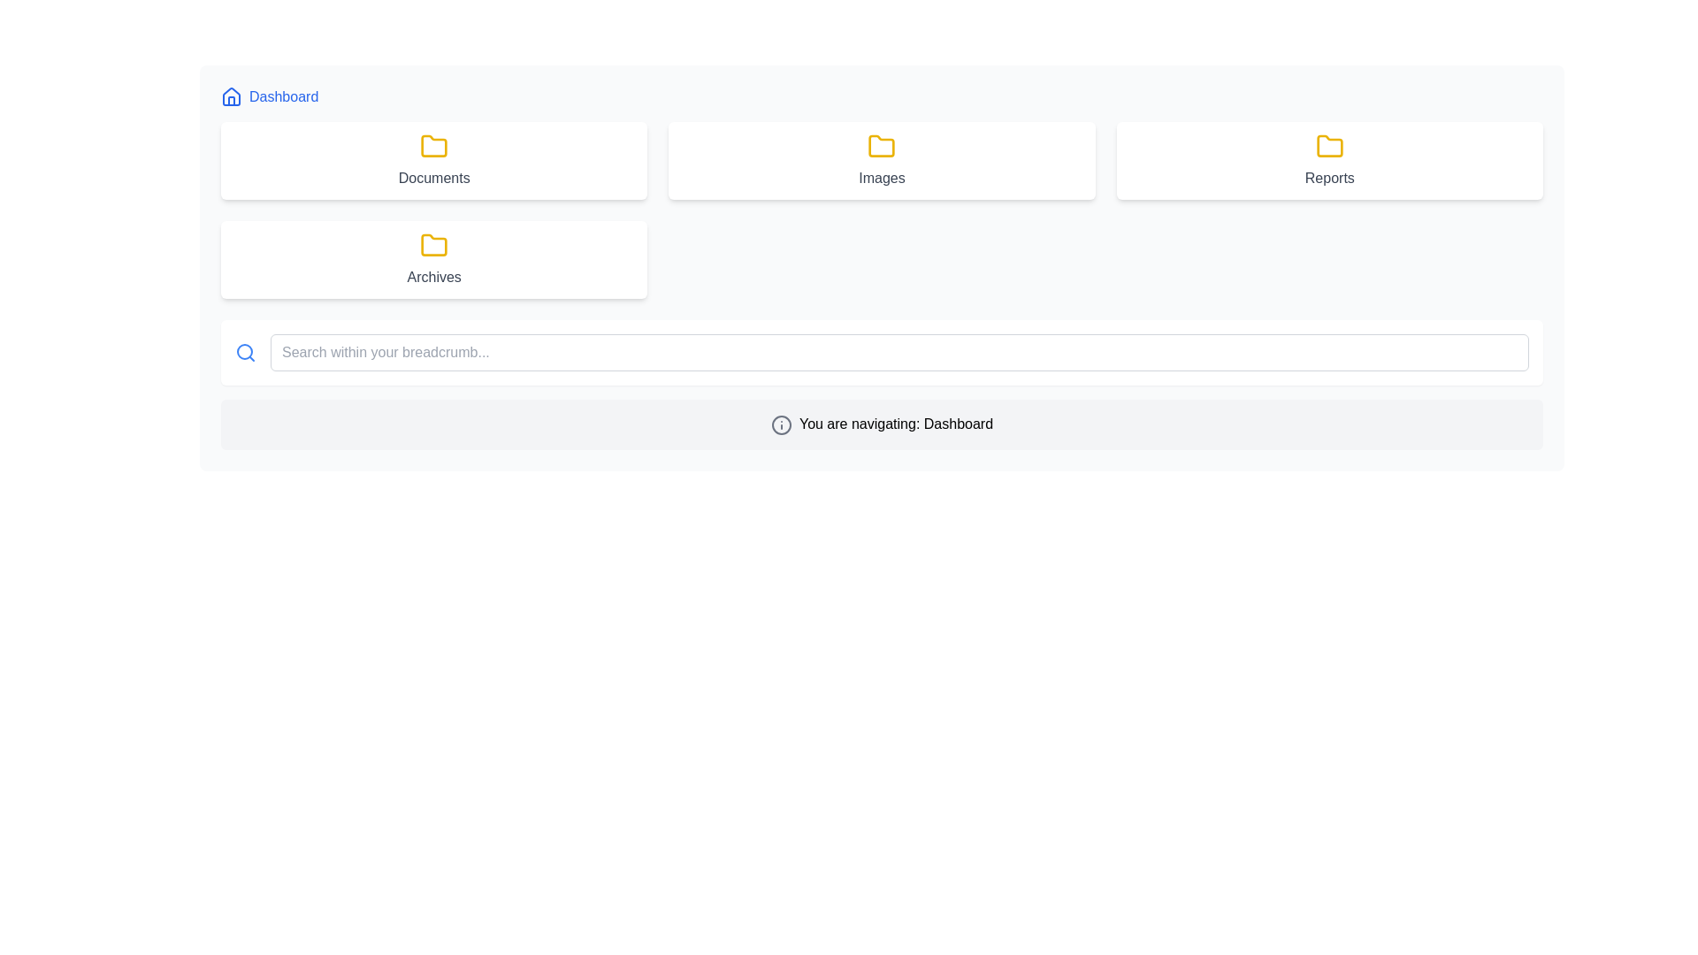  What do you see at coordinates (882, 160) in the screenshot?
I see `the 'Images' tile, which is a rectangular button with a white background and a yellow folder icon at its center` at bounding box center [882, 160].